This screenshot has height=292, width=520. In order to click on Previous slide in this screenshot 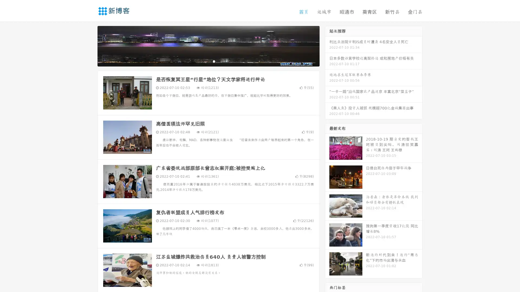, I will do `click(89, 45)`.